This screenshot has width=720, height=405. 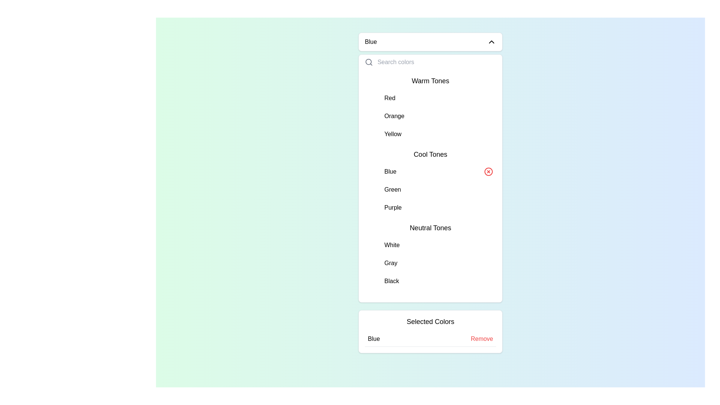 I want to click on the circular delete icon for the 'Blue' color option in the 'Cool Tones' section of the dropdown menu, so click(x=488, y=172).